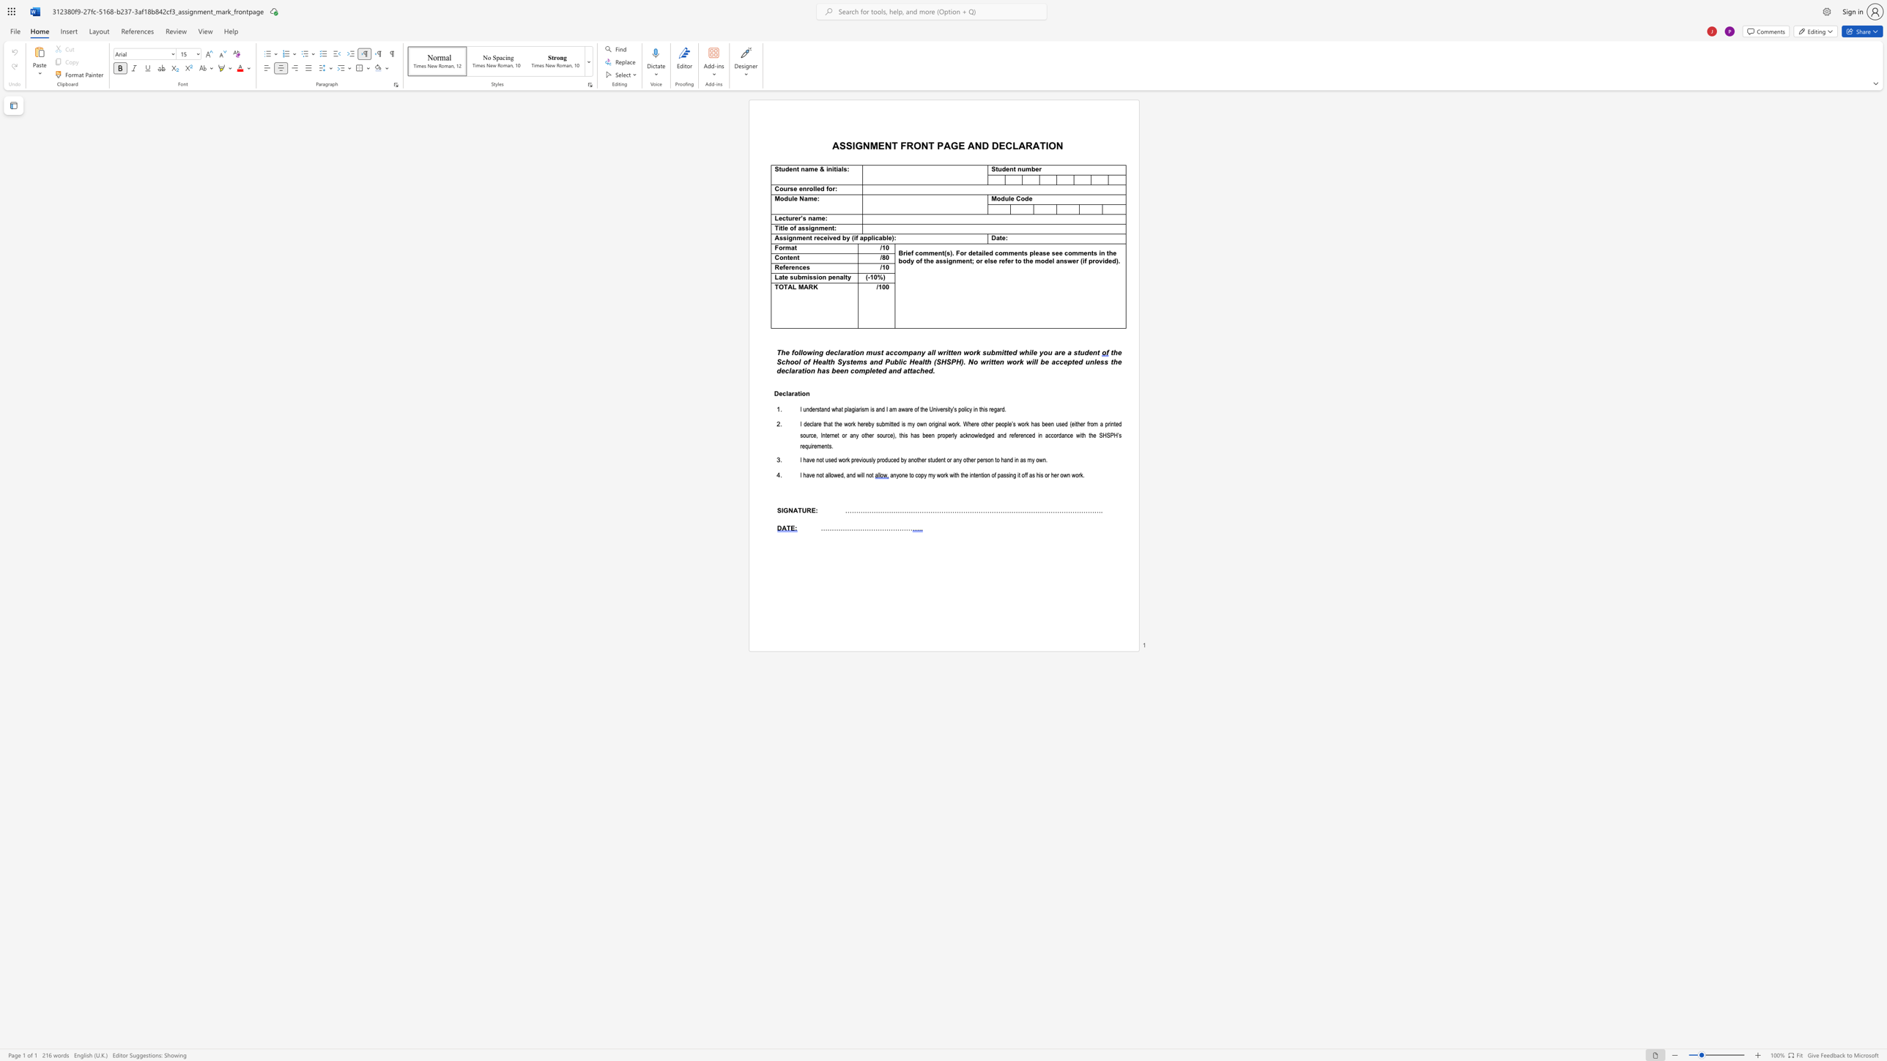 The width and height of the screenshot is (1887, 1061). I want to click on the subset text "he" within the text "e work hereby", so click(856, 424).